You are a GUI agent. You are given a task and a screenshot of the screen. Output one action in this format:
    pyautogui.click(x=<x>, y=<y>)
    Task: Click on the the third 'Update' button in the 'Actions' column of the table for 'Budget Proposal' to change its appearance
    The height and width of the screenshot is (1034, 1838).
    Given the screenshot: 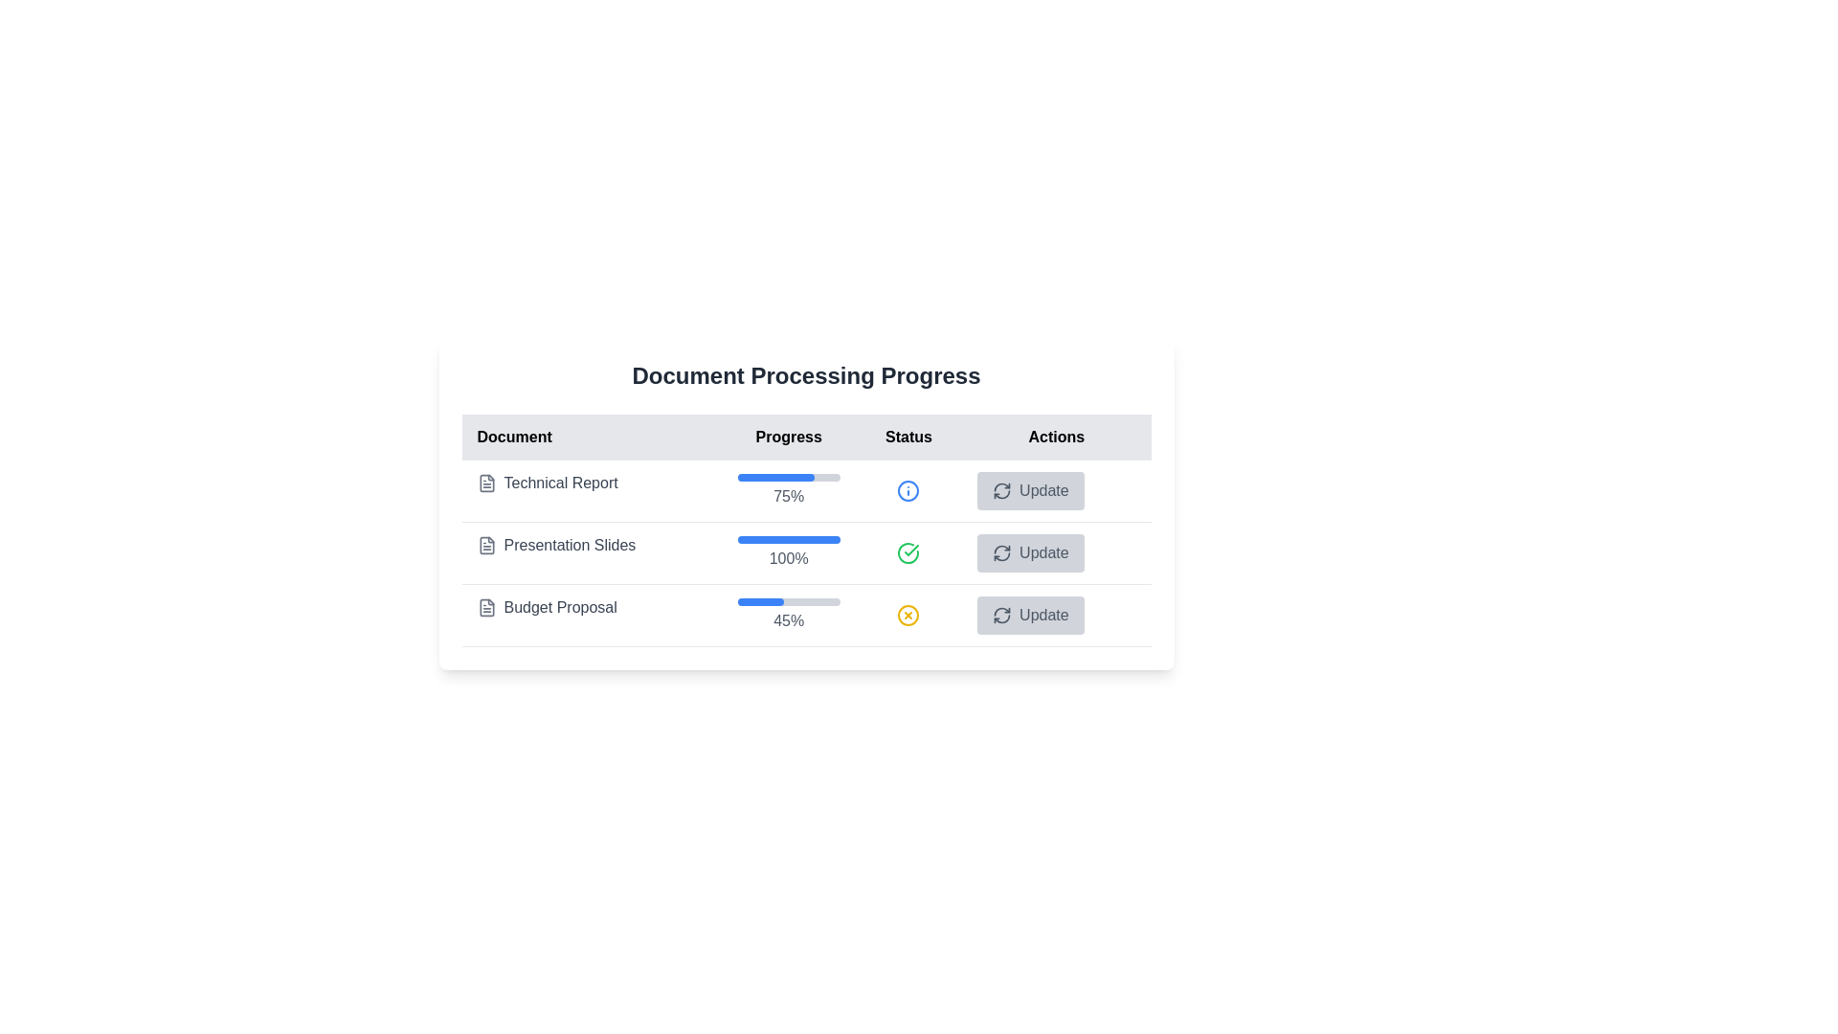 What is the action you would take?
    pyautogui.click(x=1029, y=616)
    